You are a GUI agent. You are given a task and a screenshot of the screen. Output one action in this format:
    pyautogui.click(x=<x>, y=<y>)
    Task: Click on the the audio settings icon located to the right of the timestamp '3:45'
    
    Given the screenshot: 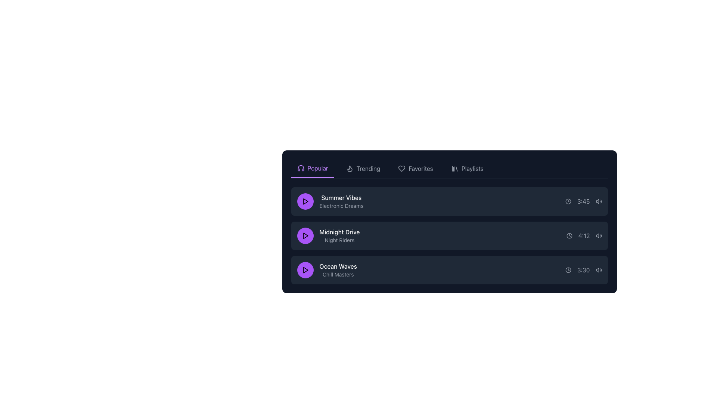 What is the action you would take?
    pyautogui.click(x=599, y=201)
    